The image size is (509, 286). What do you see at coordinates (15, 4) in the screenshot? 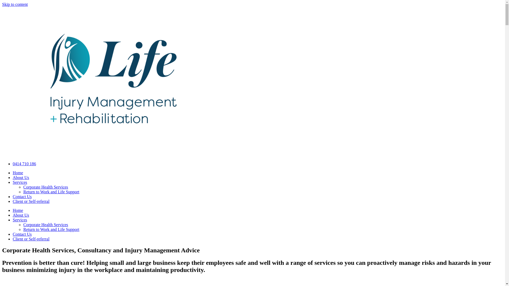
I see `'Skip to content'` at bounding box center [15, 4].